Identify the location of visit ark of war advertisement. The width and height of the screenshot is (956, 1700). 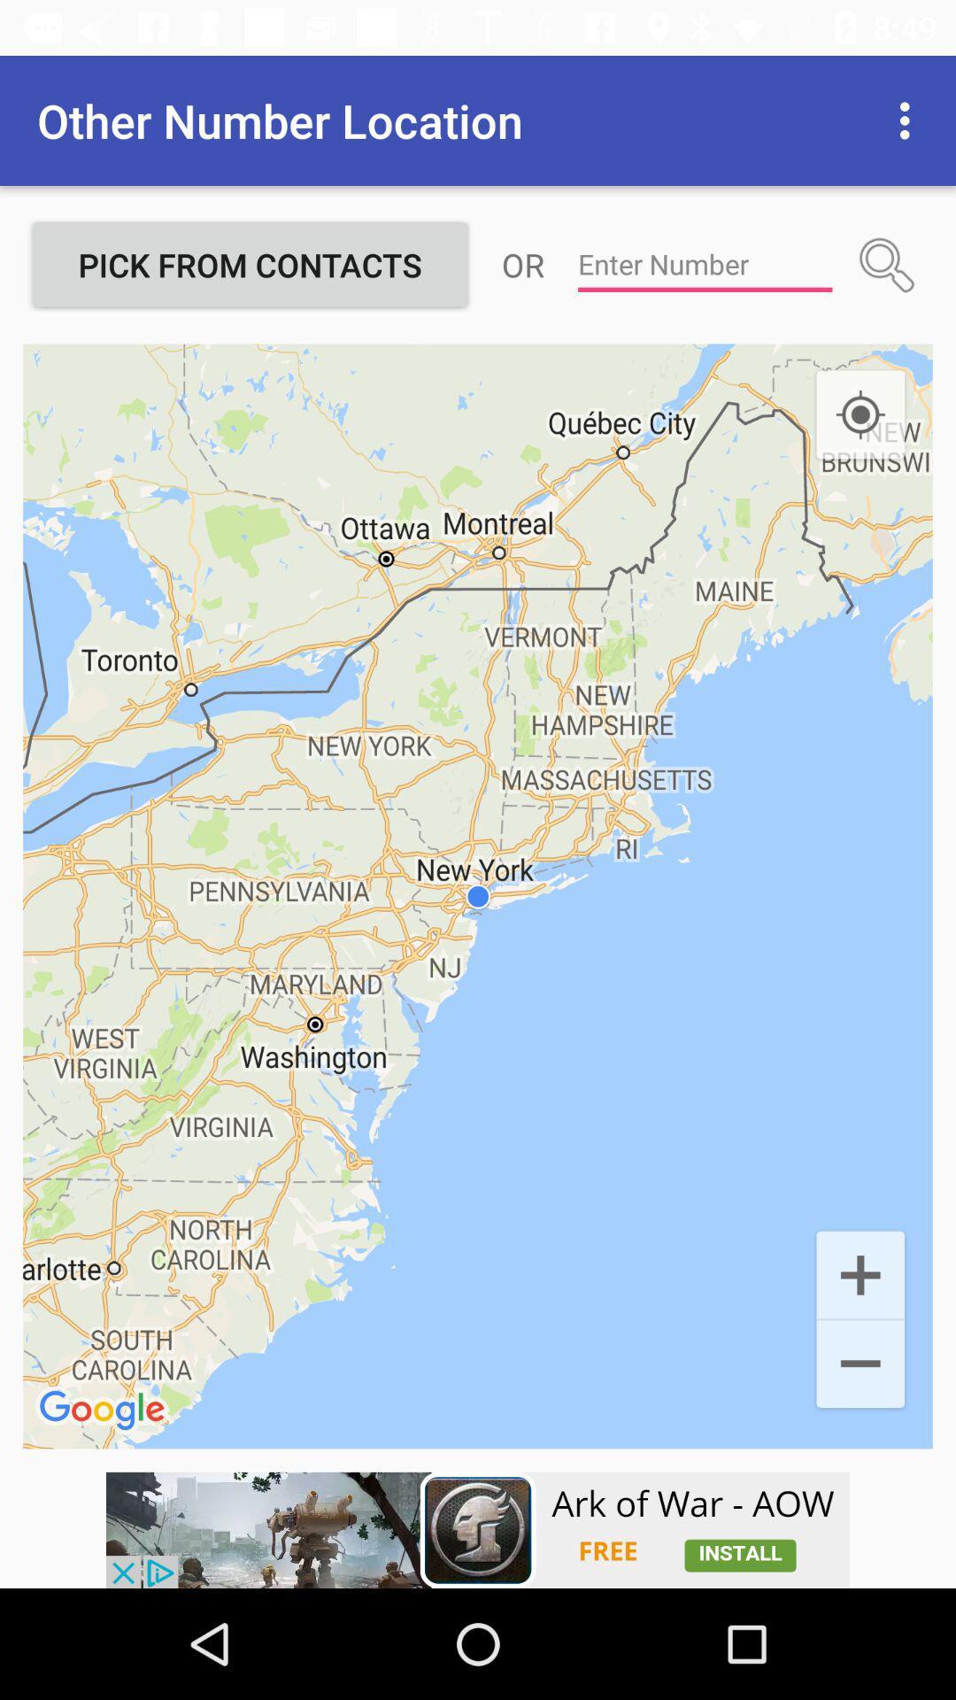
(478, 1529).